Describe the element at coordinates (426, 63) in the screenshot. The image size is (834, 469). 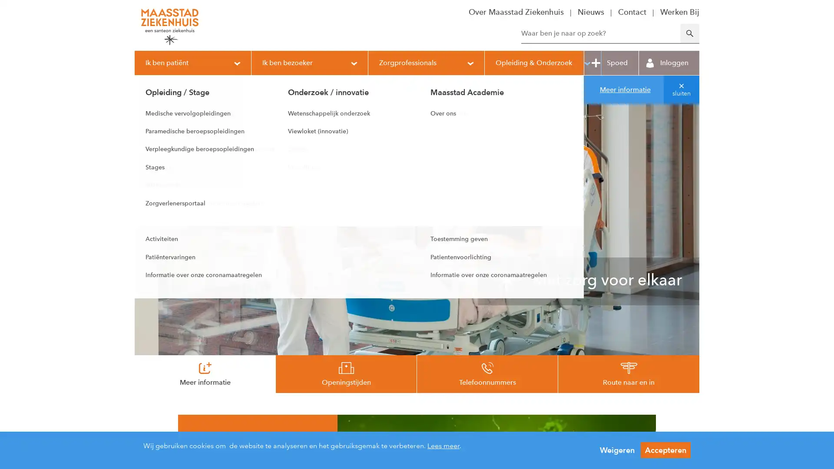
I see `Zorgprofessionals` at that location.